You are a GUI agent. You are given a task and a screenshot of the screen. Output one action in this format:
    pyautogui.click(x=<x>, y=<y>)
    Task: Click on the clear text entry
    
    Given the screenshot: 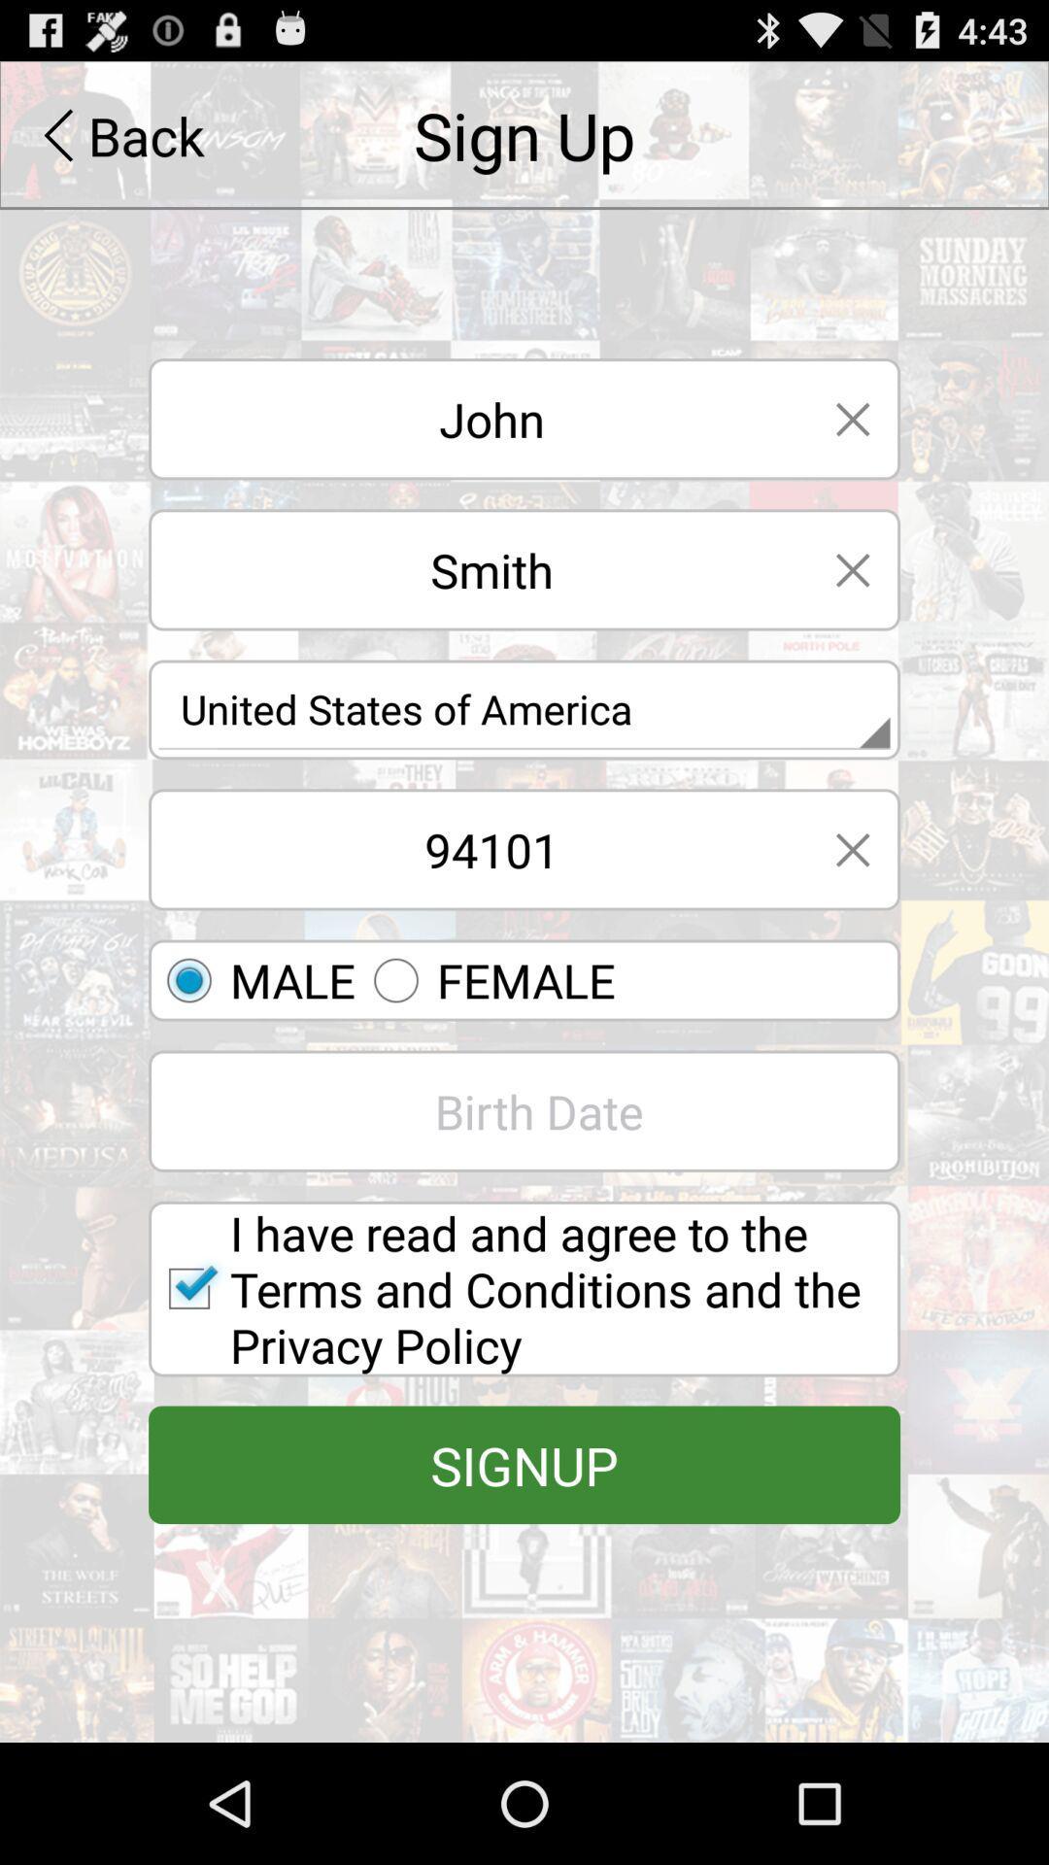 What is the action you would take?
    pyautogui.click(x=852, y=568)
    